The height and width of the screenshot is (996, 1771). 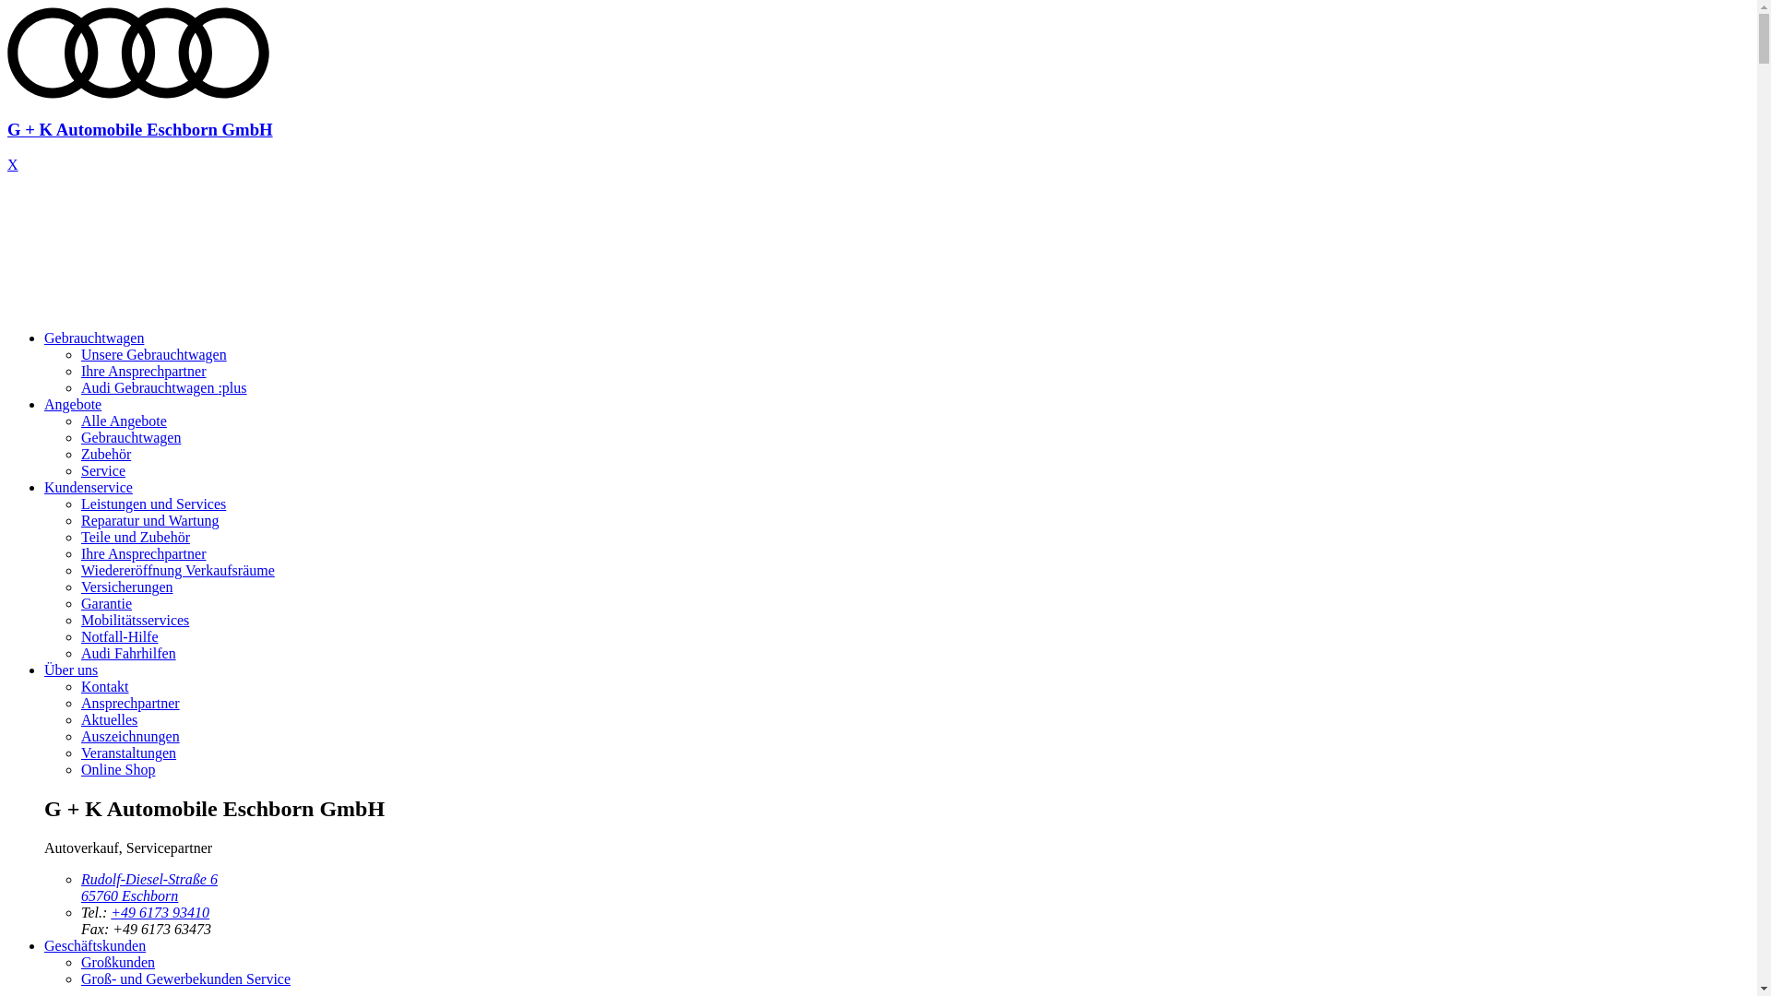 What do you see at coordinates (79, 421) in the screenshot?
I see `'Alle Angebote'` at bounding box center [79, 421].